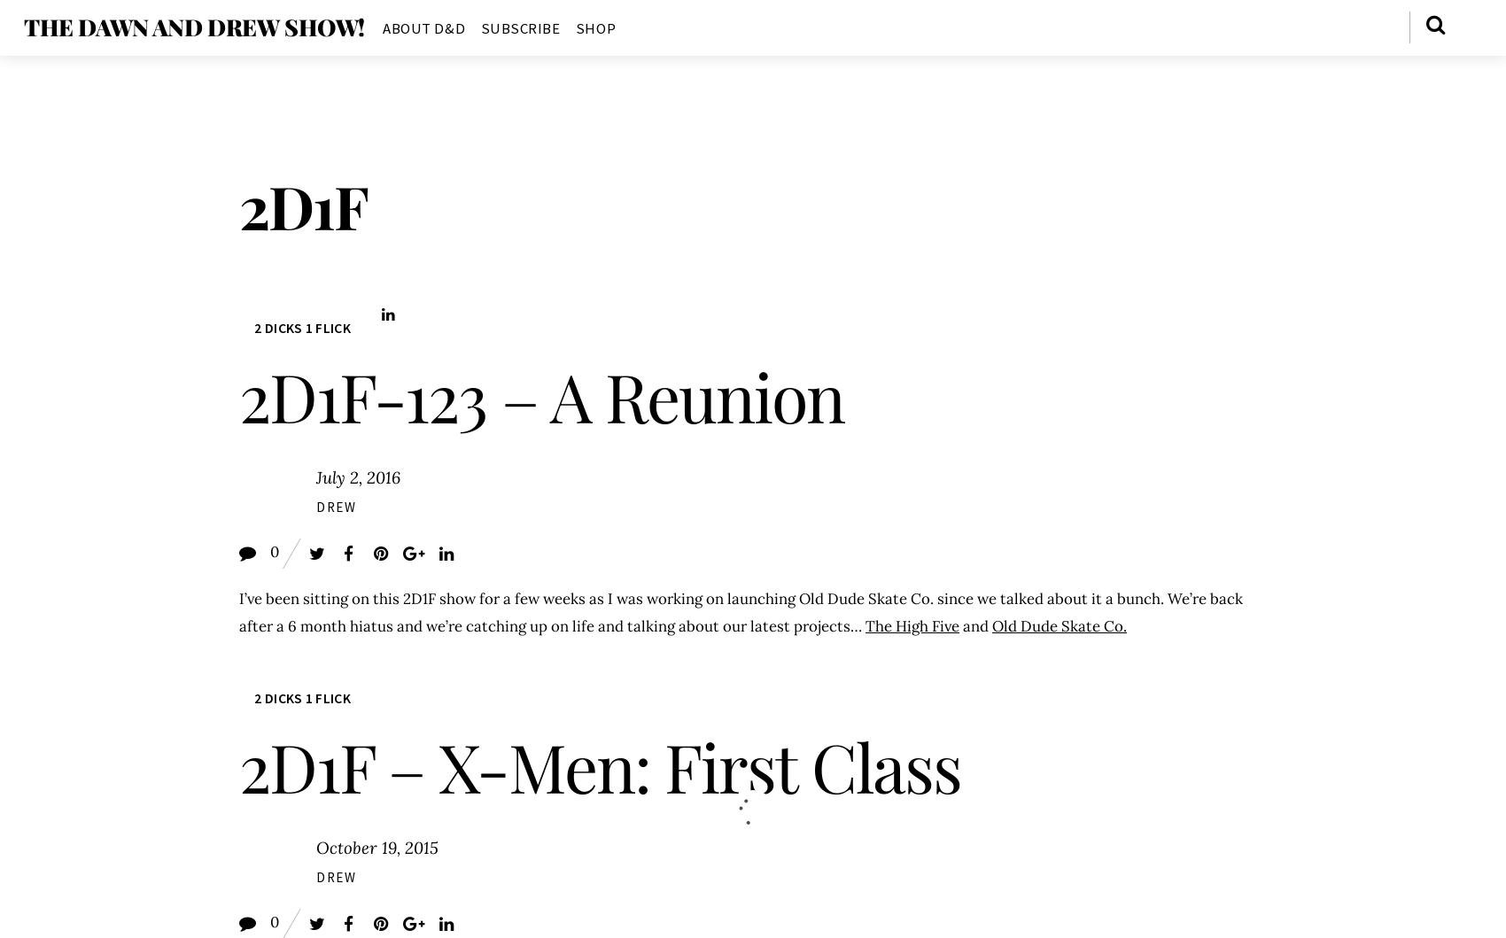 Image resolution: width=1506 pixels, height=938 pixels. I want to click on 'July 2, 2016', so click(356, 477).